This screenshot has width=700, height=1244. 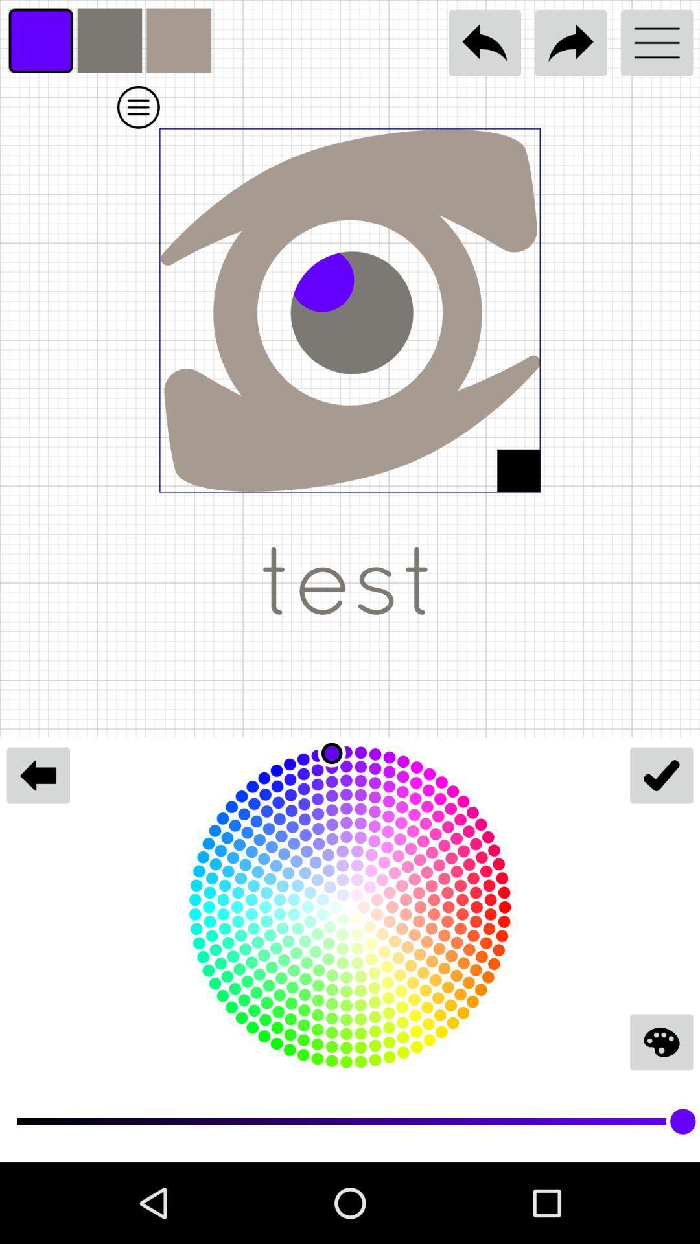 I want to click on the undo icon, so click(x=485, y=43).